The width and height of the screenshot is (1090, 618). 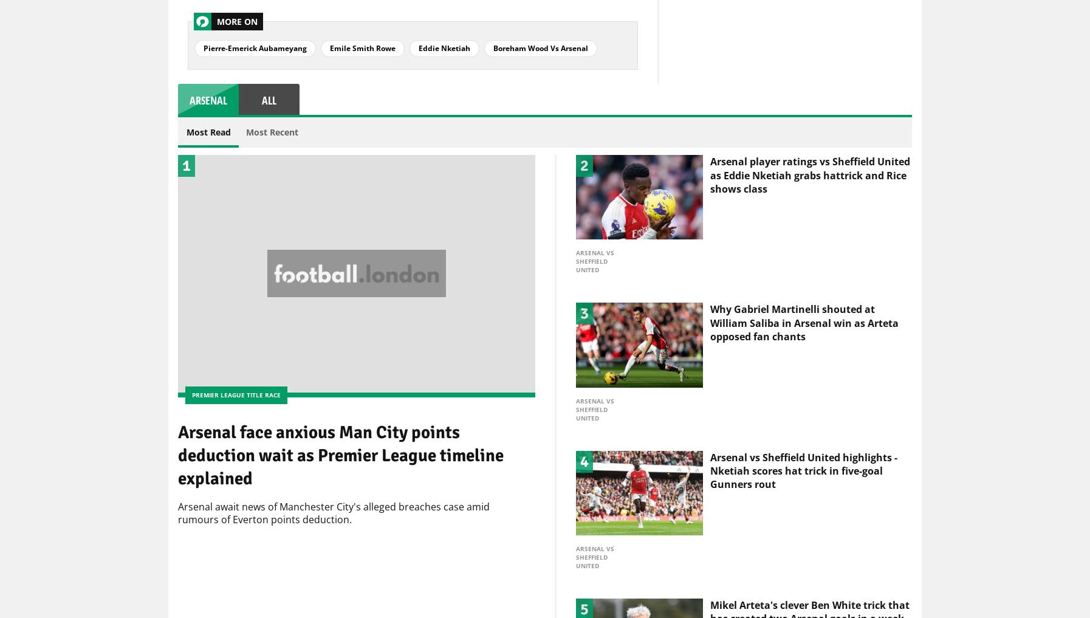 What do you see at coordinates (268, 100) in the screenshot?
I see `'all'` at bounding box center [268, 100].